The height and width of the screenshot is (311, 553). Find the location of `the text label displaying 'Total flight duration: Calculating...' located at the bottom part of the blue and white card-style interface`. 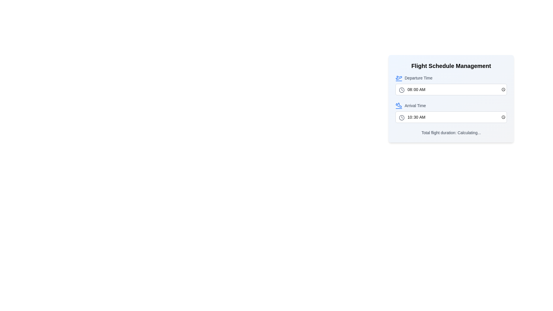

the text label displaying 'Total flight duration: Calculating...' located at the bottom part of the blue and white card-style interface is located at coordinates (451, 133).